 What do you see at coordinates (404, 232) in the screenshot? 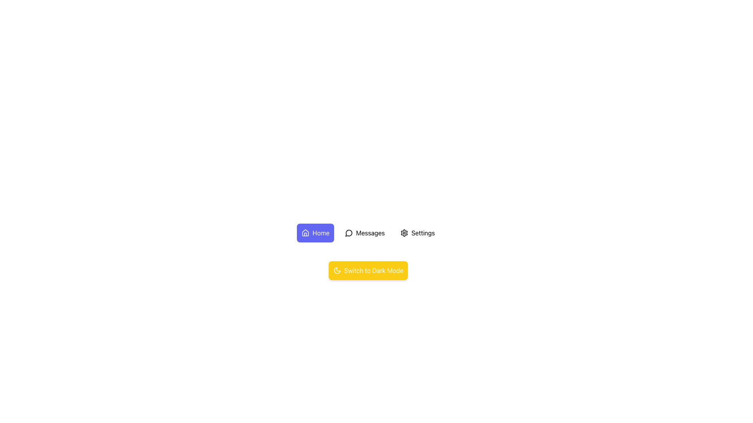
I see `the cogwheel icon on the 'Settings' button, which is the third button in a horizontal row of three buttons` at bounding box center [404, 232].